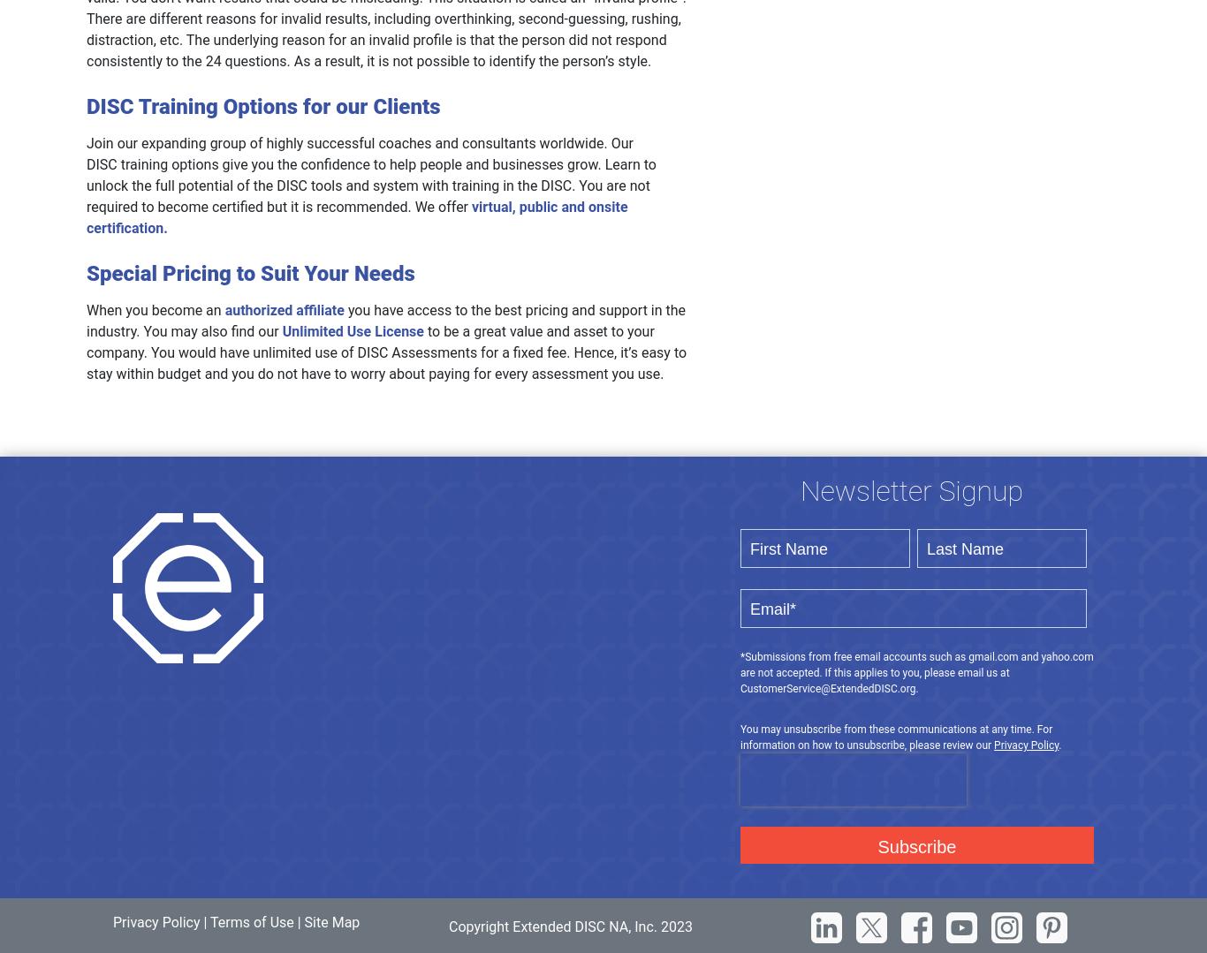 The image size is (1207, 953). What do you see at coordinates (251, 920) in the screenshot?
I see `'Terms of Use'` at bounding box center [251, 920].